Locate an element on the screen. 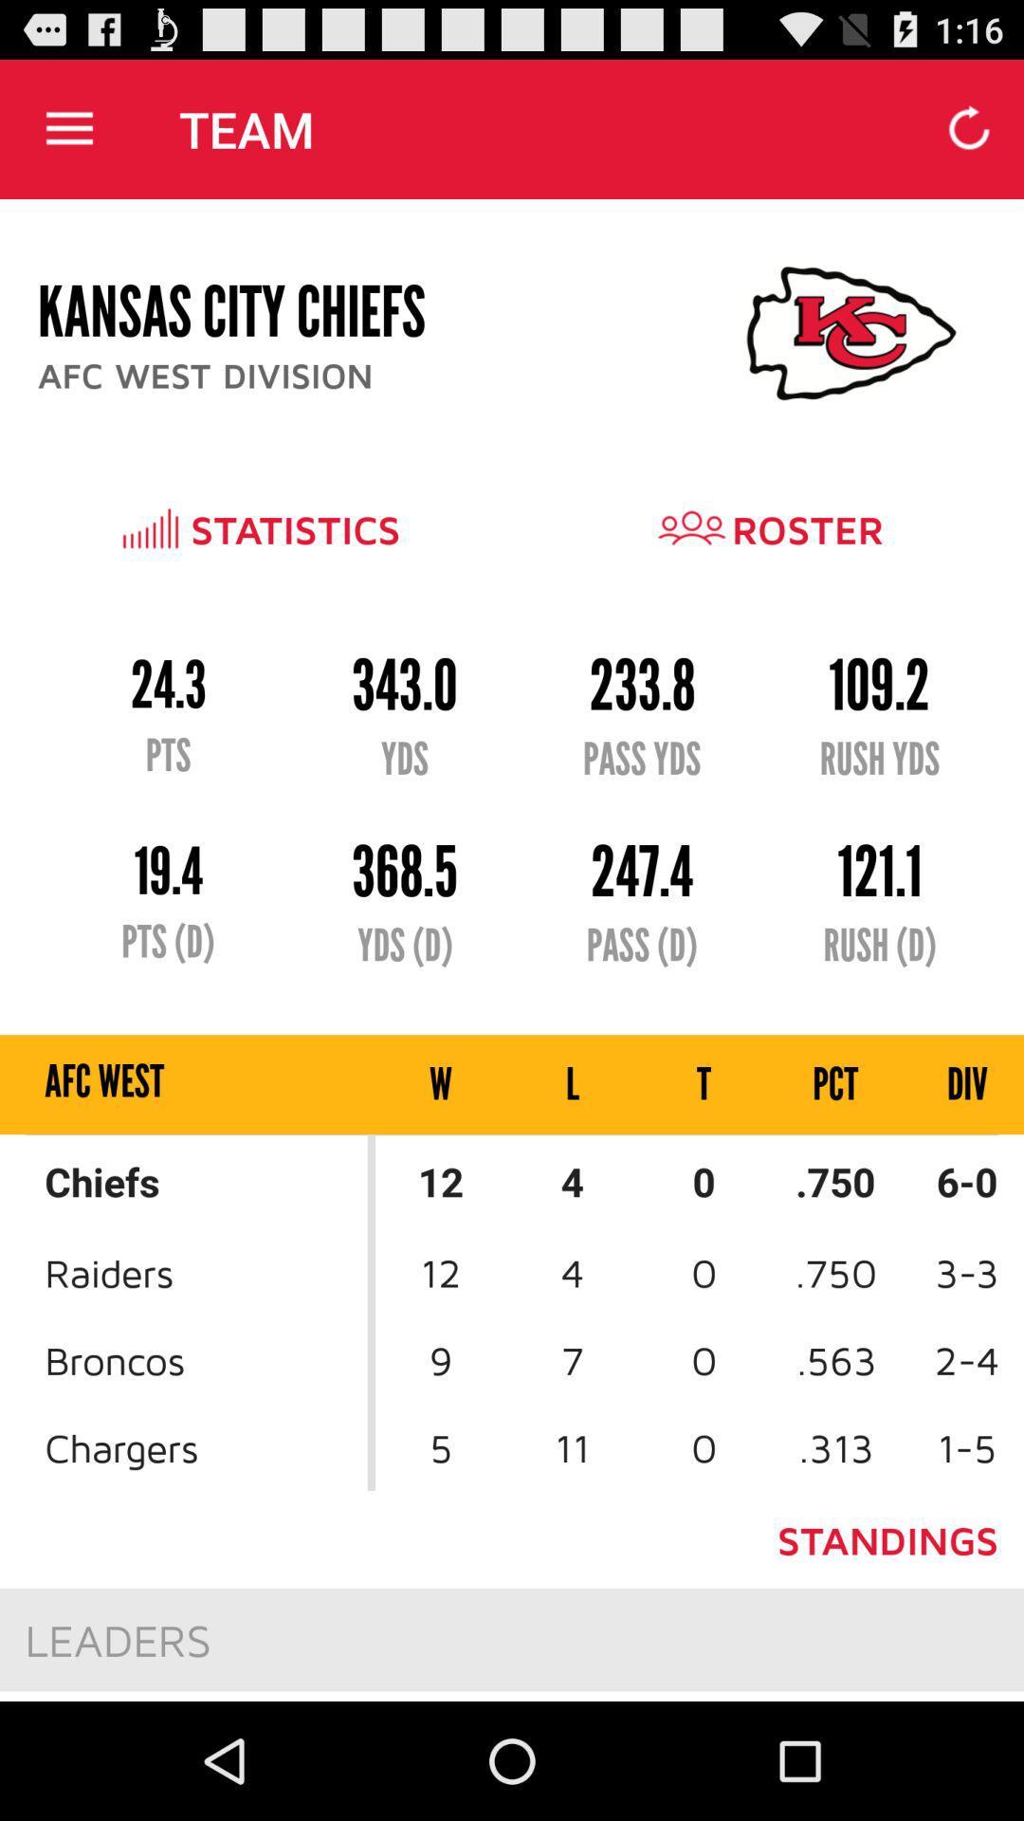 This screenshot has height=1821, width=1024. icon above kansas city chiefs icon is located at coordinates (68, 128).